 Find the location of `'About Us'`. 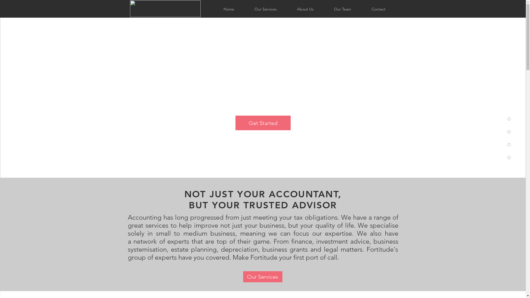

'About Us' is located at coordinates (304, 9).